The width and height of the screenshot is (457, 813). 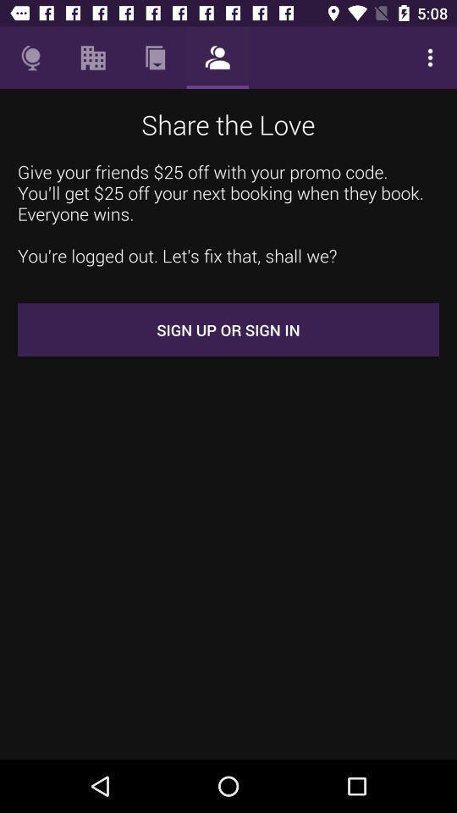 What do you see at coordinates (430, 58) in the screenshot?
I see `the icon above the give your friends item` at bounding box center [430, 58].